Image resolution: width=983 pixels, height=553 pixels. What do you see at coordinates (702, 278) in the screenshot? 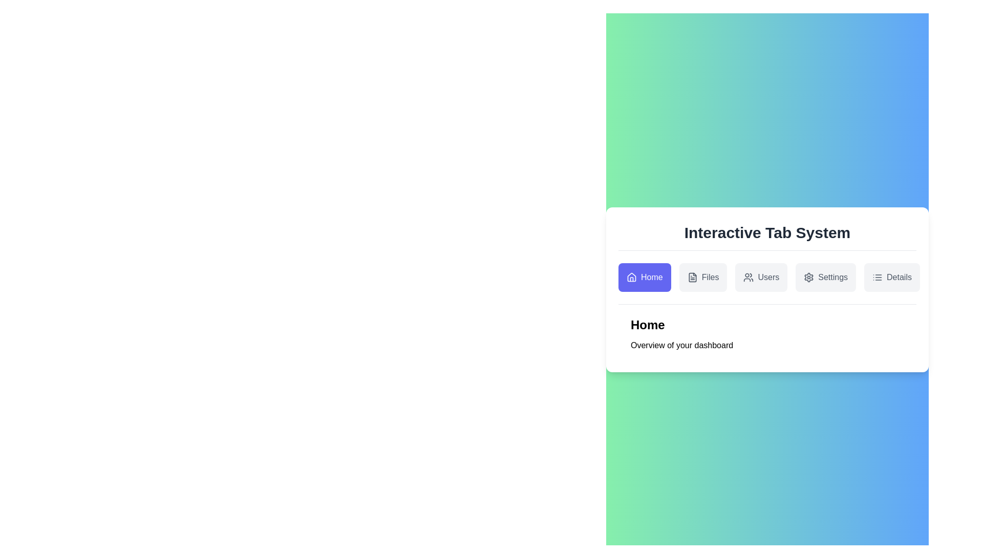
I see `the 'Files' navigation tab button, which is positioned as the second tab in the horizontal navigation bar, between the 'Home' and 'Users' buttons` at bounding box center [702, 278].